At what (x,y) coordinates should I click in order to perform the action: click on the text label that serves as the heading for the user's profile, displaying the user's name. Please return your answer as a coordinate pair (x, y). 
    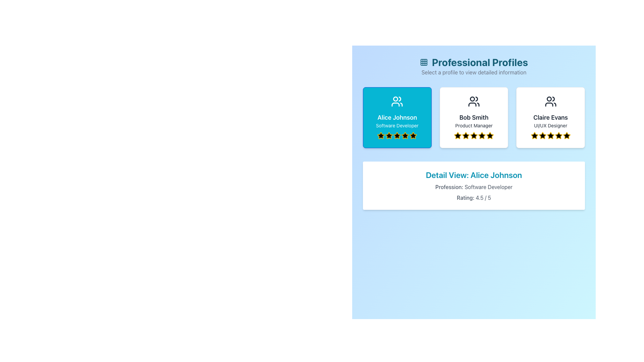
    Looking at the image, I should click on (473, 174).